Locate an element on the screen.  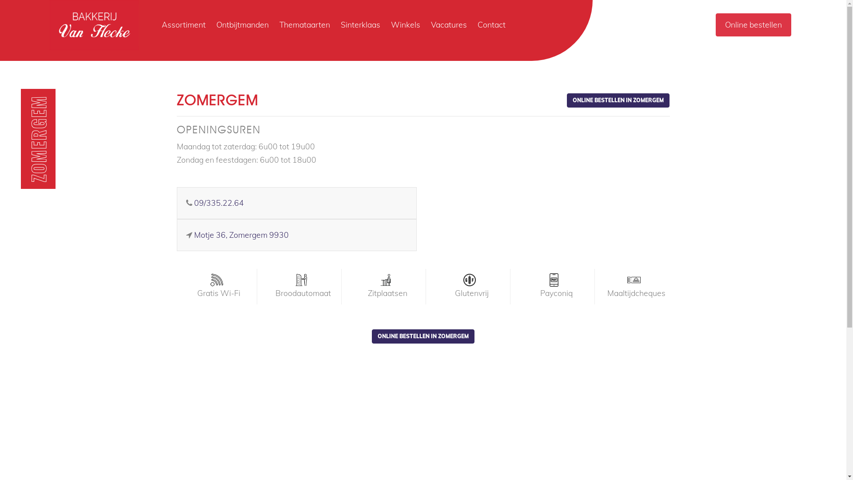
'Winkels' is located at coordinates (405, 24).